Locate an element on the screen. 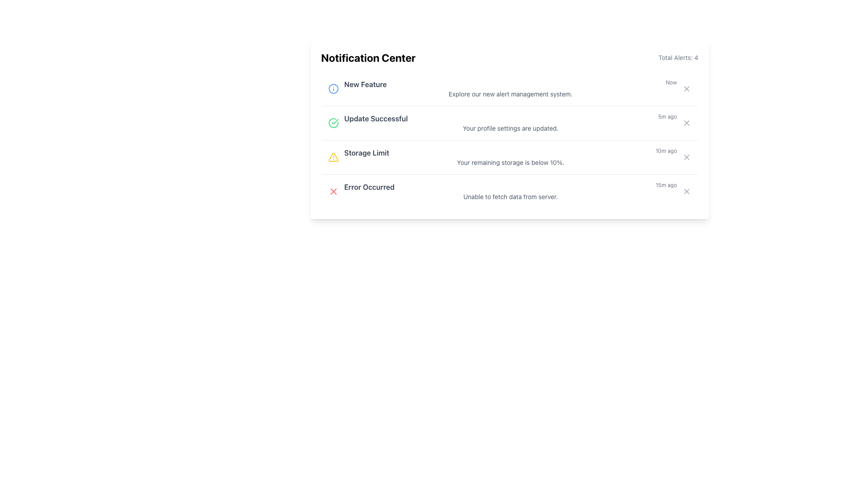 The width and height of the screenshot is (854, 480). the detailed message text of the notification located below 'Error Occurred' in the fourth notification entry is located at coordinates (510, 196).